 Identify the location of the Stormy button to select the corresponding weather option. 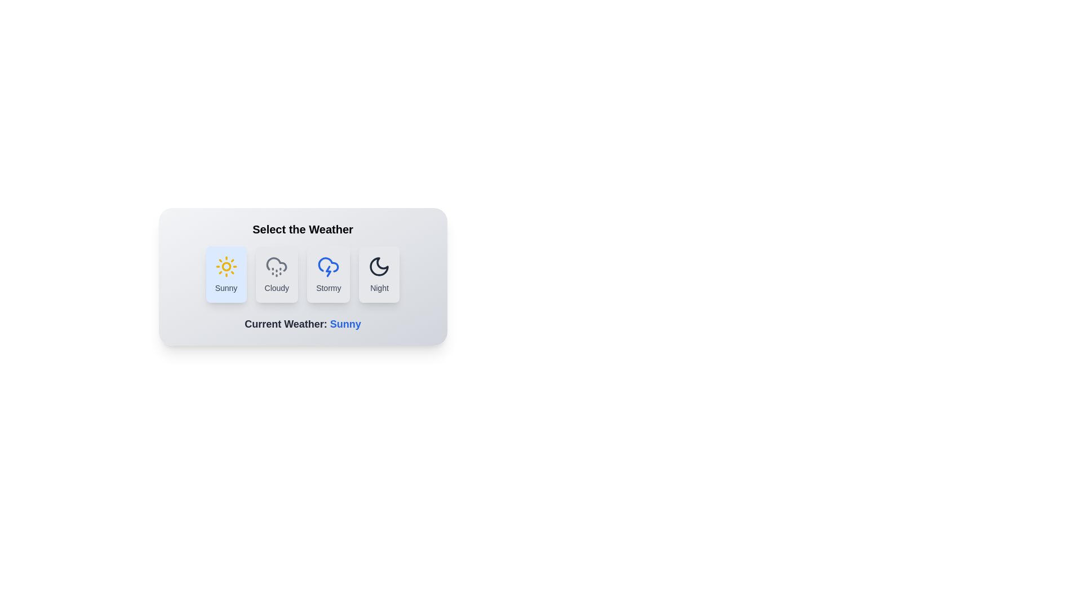
(328, 274).